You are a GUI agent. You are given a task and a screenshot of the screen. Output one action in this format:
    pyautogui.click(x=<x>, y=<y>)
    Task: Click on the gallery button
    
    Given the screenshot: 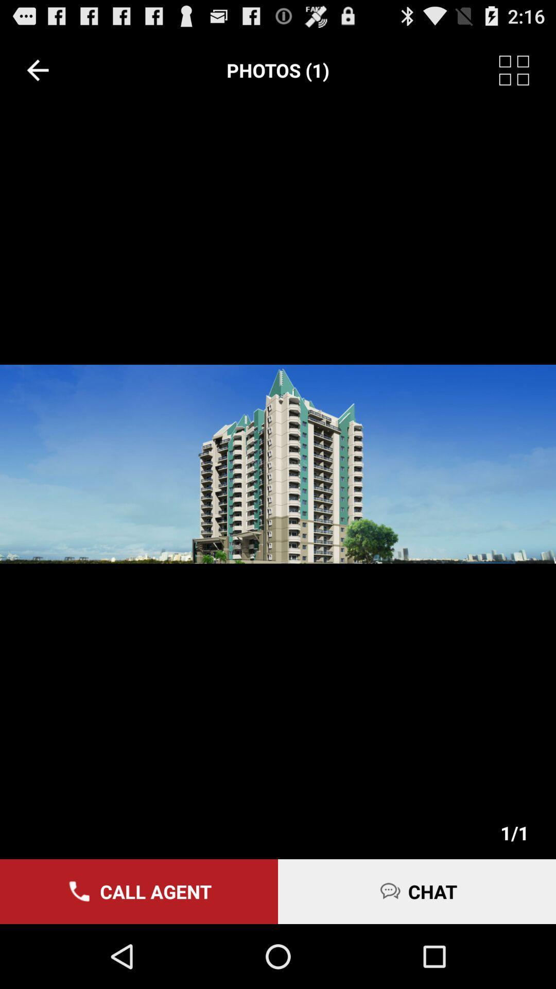 What is the action you would take?
    pyautogui.click(x=527, y=70)
    